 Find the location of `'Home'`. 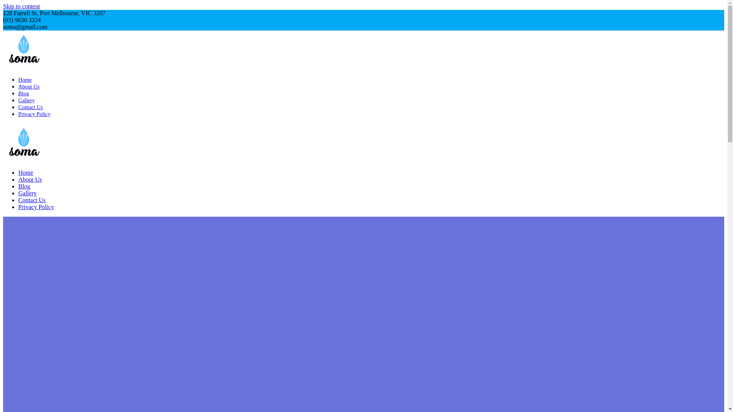

'Home' is located at coordinates (25, 79).